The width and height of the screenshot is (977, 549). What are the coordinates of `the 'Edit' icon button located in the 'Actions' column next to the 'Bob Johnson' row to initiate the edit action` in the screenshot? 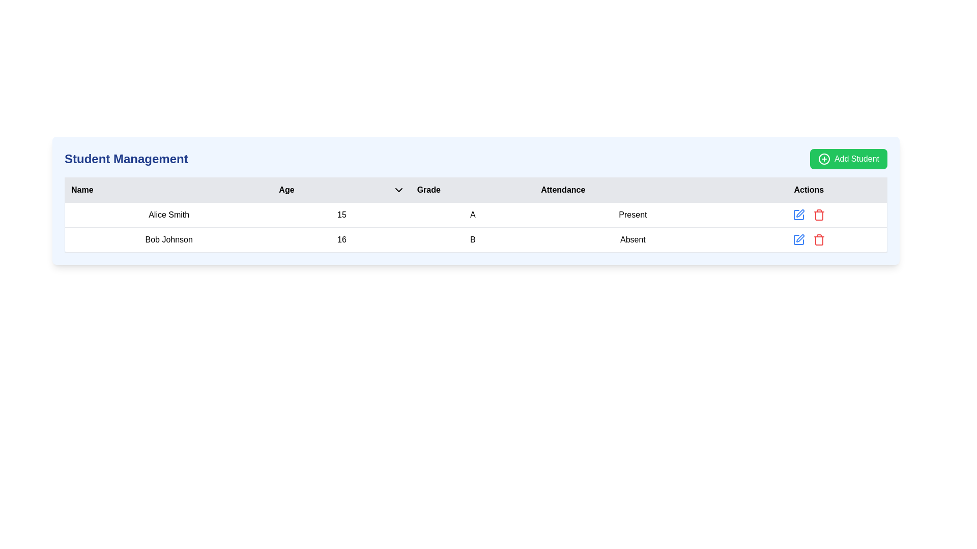 It's located at (798, 239).